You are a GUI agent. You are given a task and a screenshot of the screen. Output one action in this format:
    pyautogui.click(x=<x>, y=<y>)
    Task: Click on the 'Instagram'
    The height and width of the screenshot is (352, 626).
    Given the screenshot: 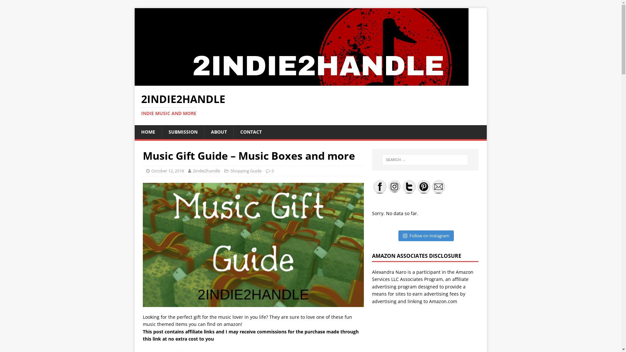 What is the action you would take?
    pyautogui.click(x=394, y=186)
    